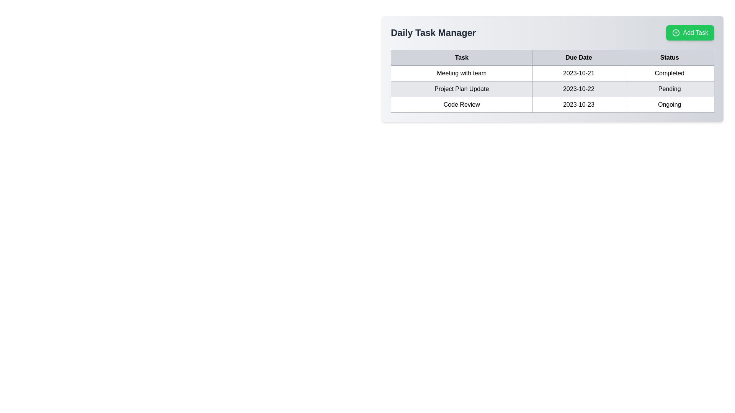 The height and width of the screenshot is (413, 735). I want to click on the date text label showing '2023-10-23' located in the third row, second column of the table under the 'Due Date' header, so click(578, 104).